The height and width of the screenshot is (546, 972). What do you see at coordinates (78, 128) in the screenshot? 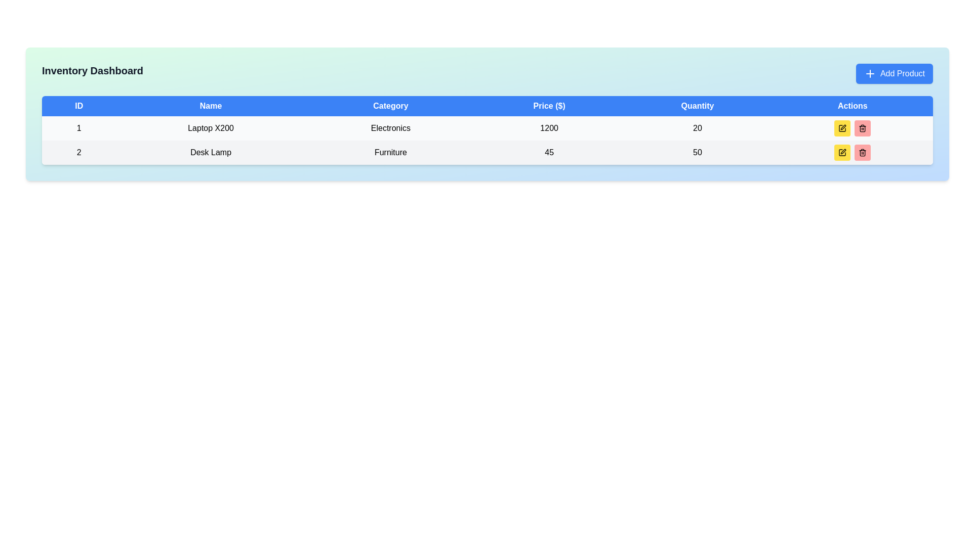
I see `the Text display element representing the unique identifier (ID) of the first entry in the table, located in the first column of the first row under the 'ID' header` at bounding box center [78, 128].